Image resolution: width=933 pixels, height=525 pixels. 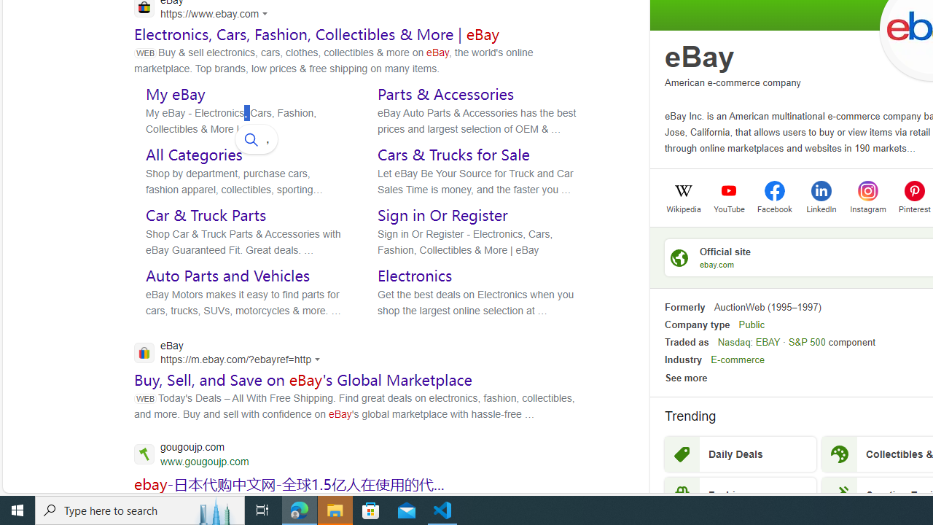 What do you see at coordinates (682, 359) in the screenshot?
I see `'Industry'` at bounding box center [682, 359].